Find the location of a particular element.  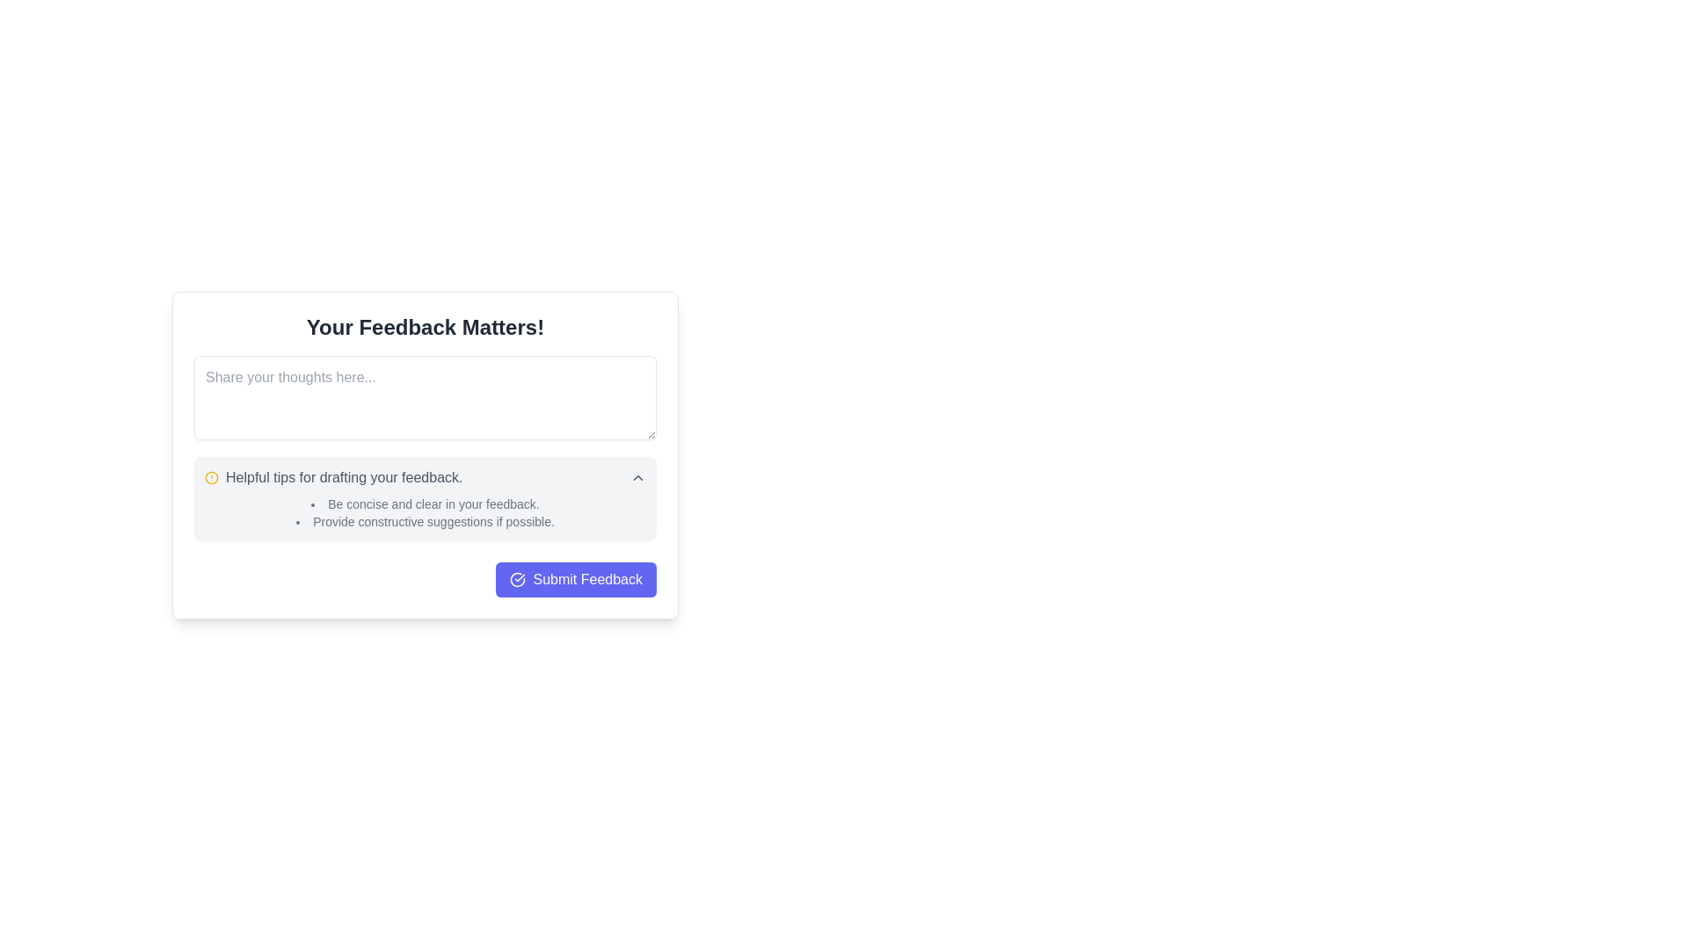

the circular icon with a checkmark inside, which is located to the left of the 'Submit Feedback' text label in the button is located at coordinates (517, 579).